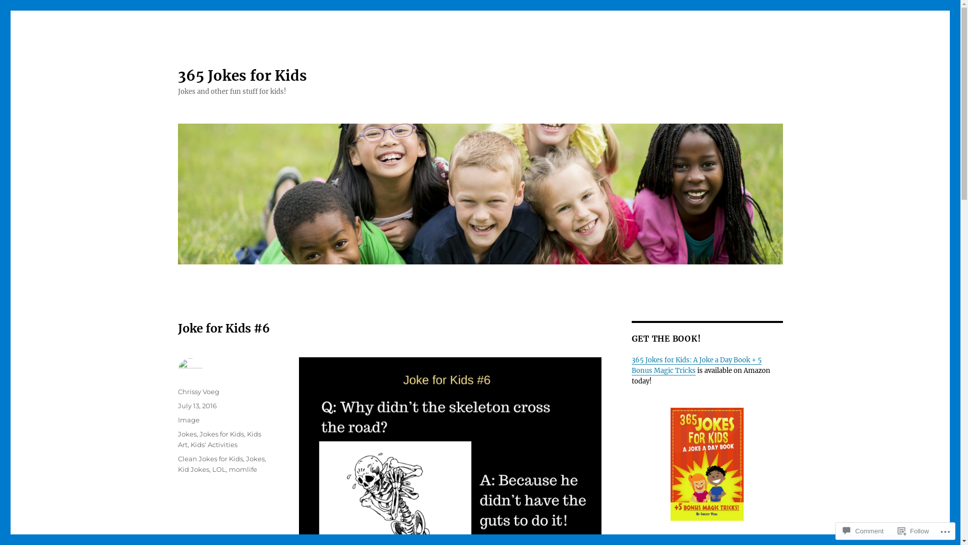  What do you see at coordinates (221, 433) in the screenshot?
I see `'Jokes for Kids'` at bounding box center [221, 433].